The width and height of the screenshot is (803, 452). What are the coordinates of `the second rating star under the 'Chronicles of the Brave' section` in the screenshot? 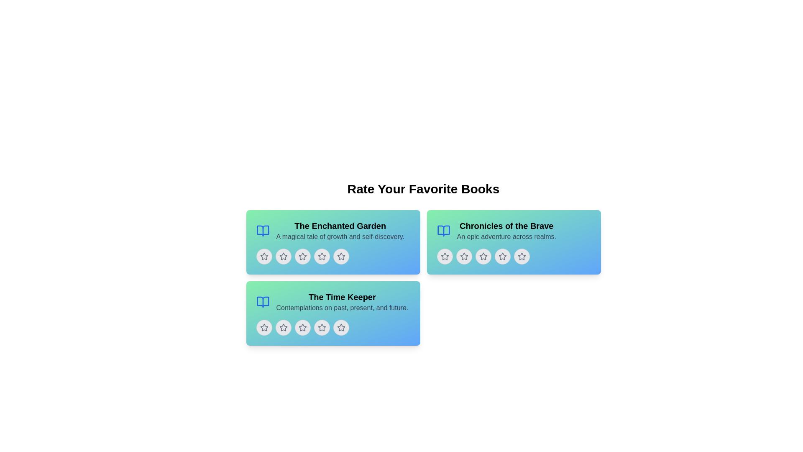 It's located at (444, 256).